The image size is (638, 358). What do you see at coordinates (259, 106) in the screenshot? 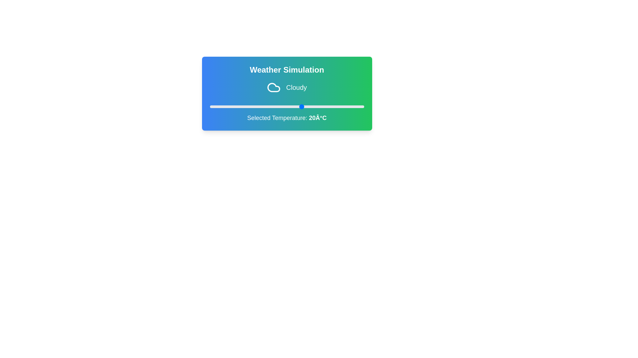
I see `the temperature` at bounding box center [259, 106].